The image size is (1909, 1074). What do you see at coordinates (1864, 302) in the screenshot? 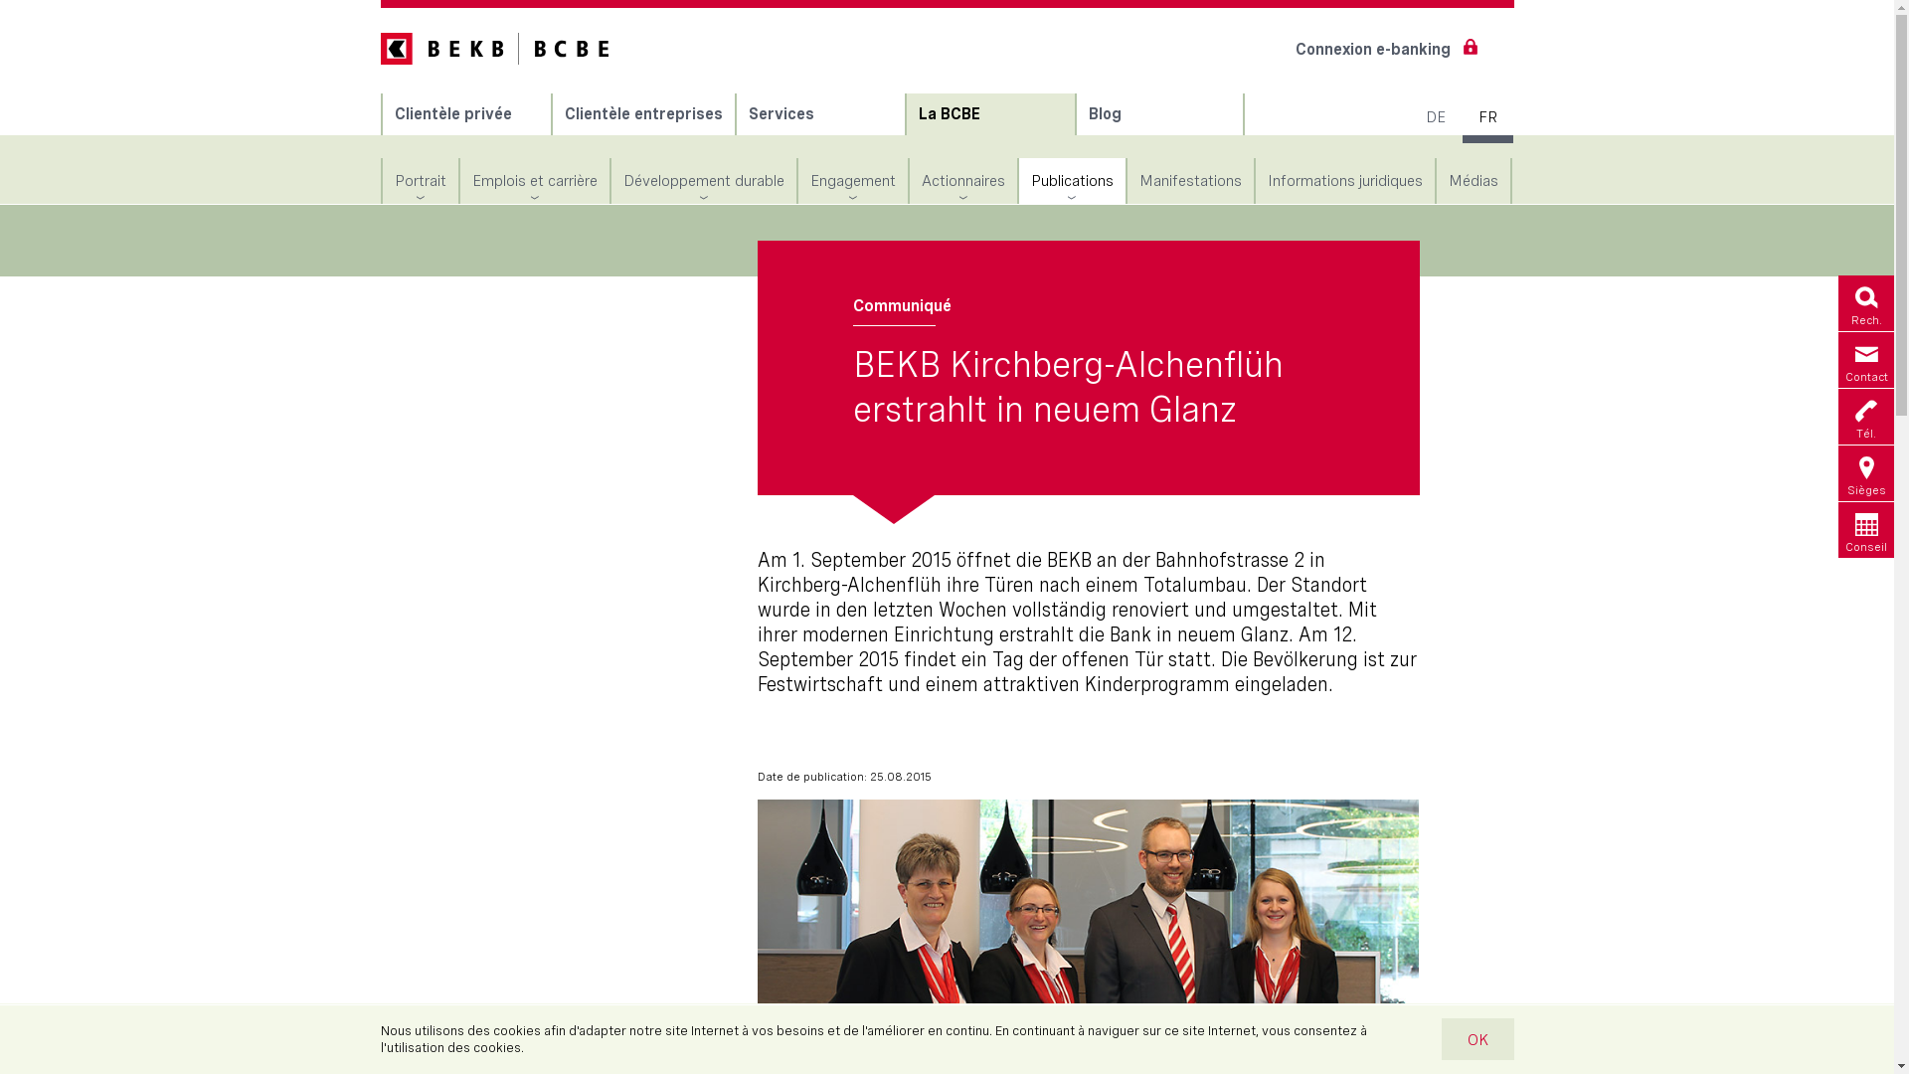
I see `'Rech.'` at bounding box center [1864, 302].